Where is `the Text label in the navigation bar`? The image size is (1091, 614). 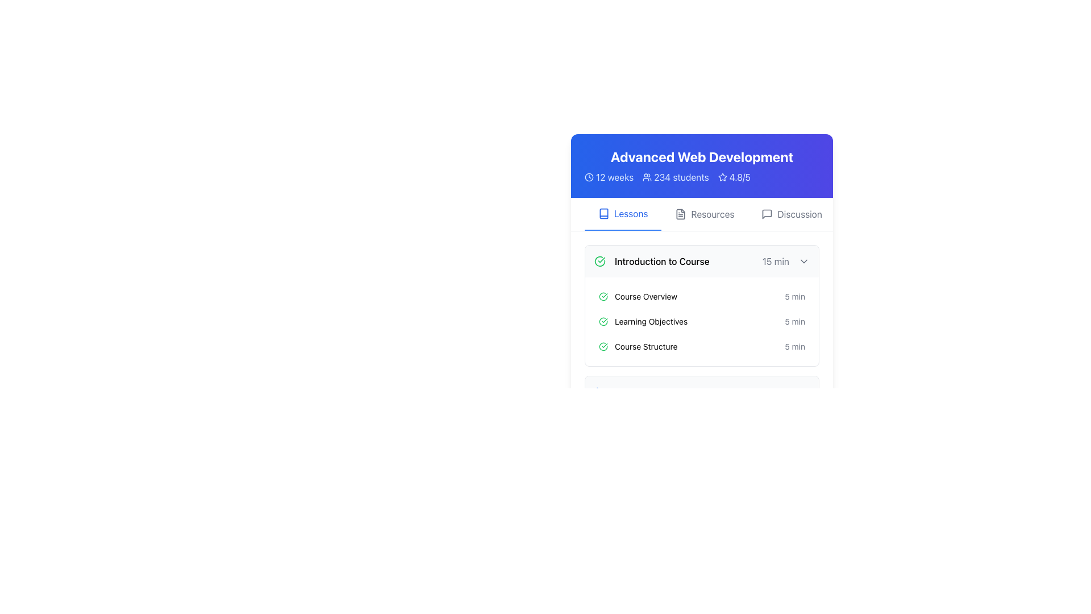
the Text label in the navigation bar is located at coordinates (712, 214).